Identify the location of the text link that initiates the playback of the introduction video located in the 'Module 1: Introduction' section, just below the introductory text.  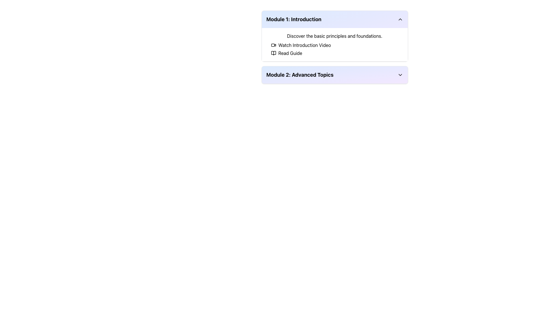
(304, 45).